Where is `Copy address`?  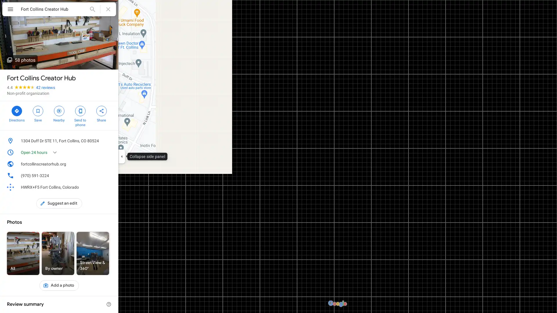
Copy address is located at coordinates (108, 141).